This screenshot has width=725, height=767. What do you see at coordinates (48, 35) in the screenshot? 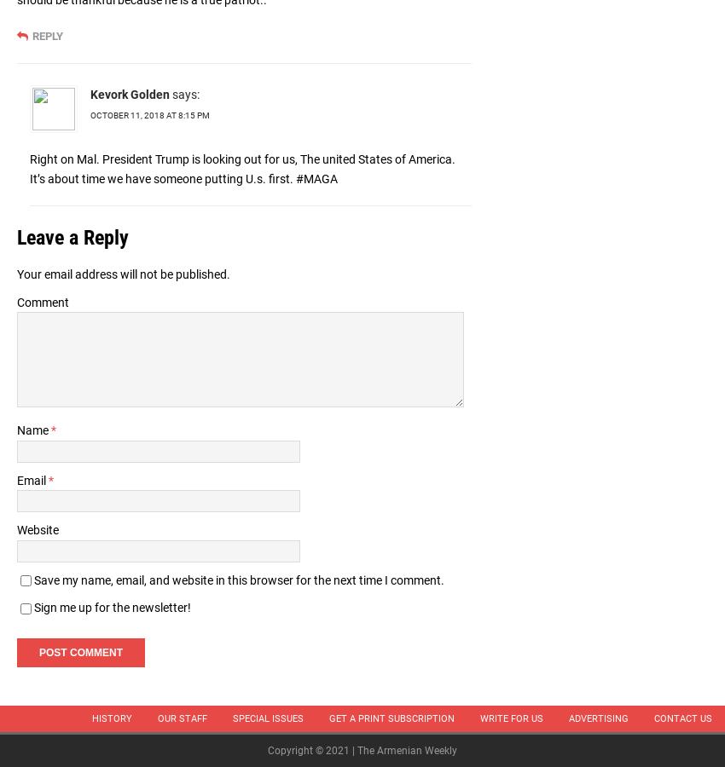
I see `'Reply'` at bounding box center [48, 35].